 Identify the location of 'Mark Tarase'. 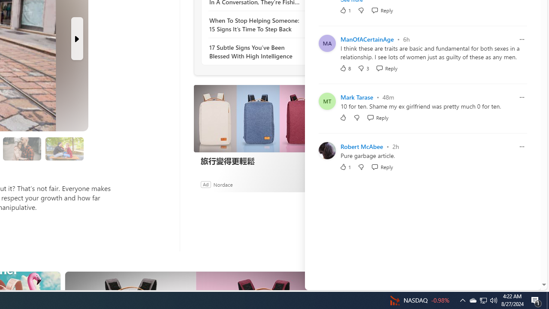
(357, 97).